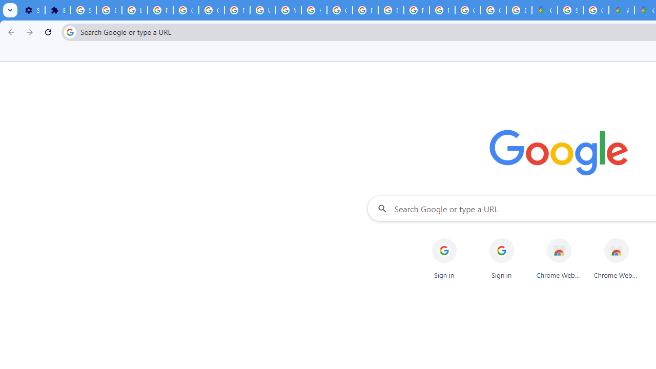 Image resolution: width=656 pixels, height=369 pixels. Describe the element at coordinates (365, 10) in the screenshot. I see `'Privacy Help Center - Policies Help'` at that location.